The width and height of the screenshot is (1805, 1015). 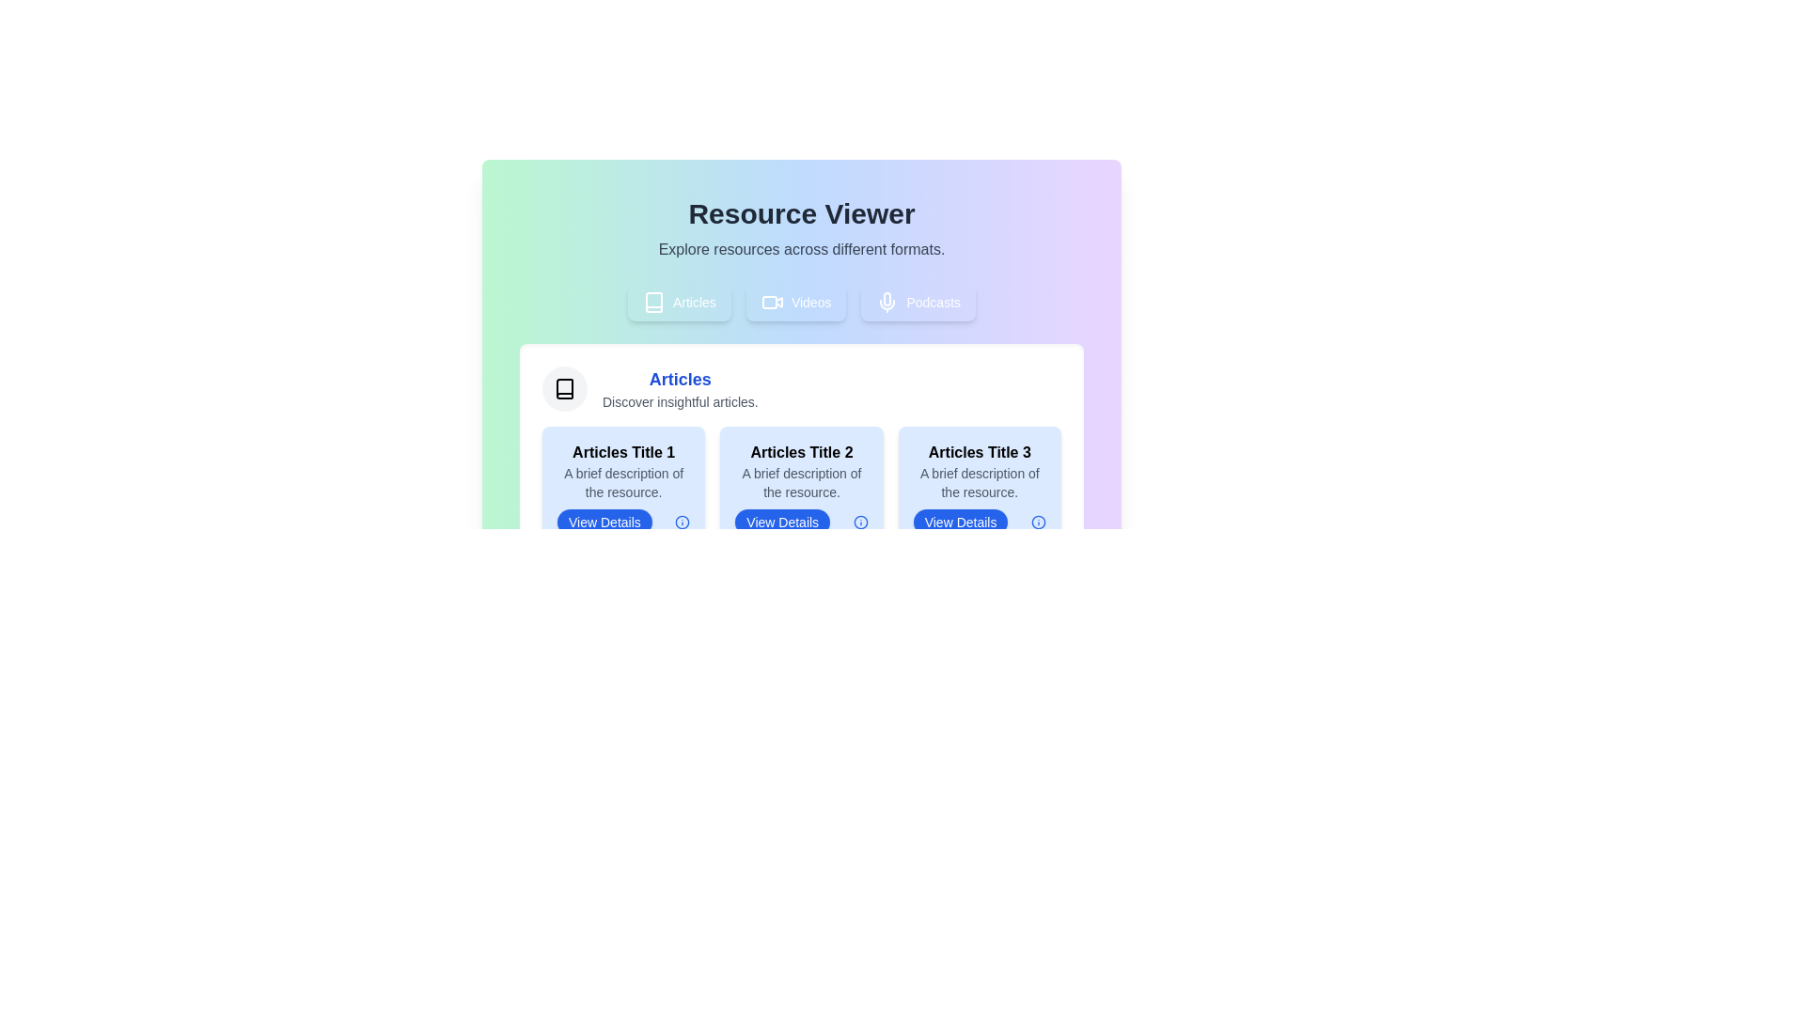 What do you see at coordinates (796, 301) in the screenshot?
I see `the 'Videos' button, which is a rectangular button with rounded corners located in the top-center navigation menu` at bounding box center [796, 301].